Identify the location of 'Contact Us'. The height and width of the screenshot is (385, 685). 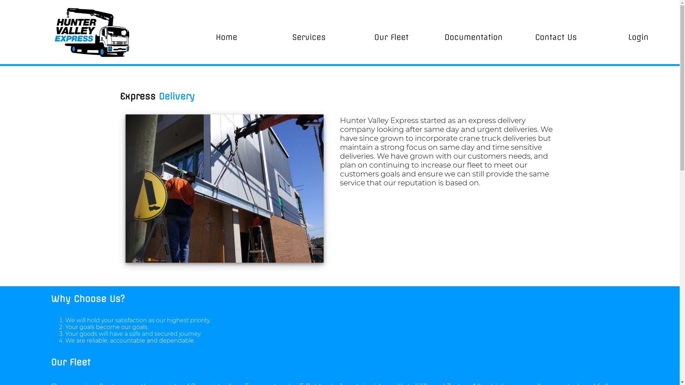
(555, 37).